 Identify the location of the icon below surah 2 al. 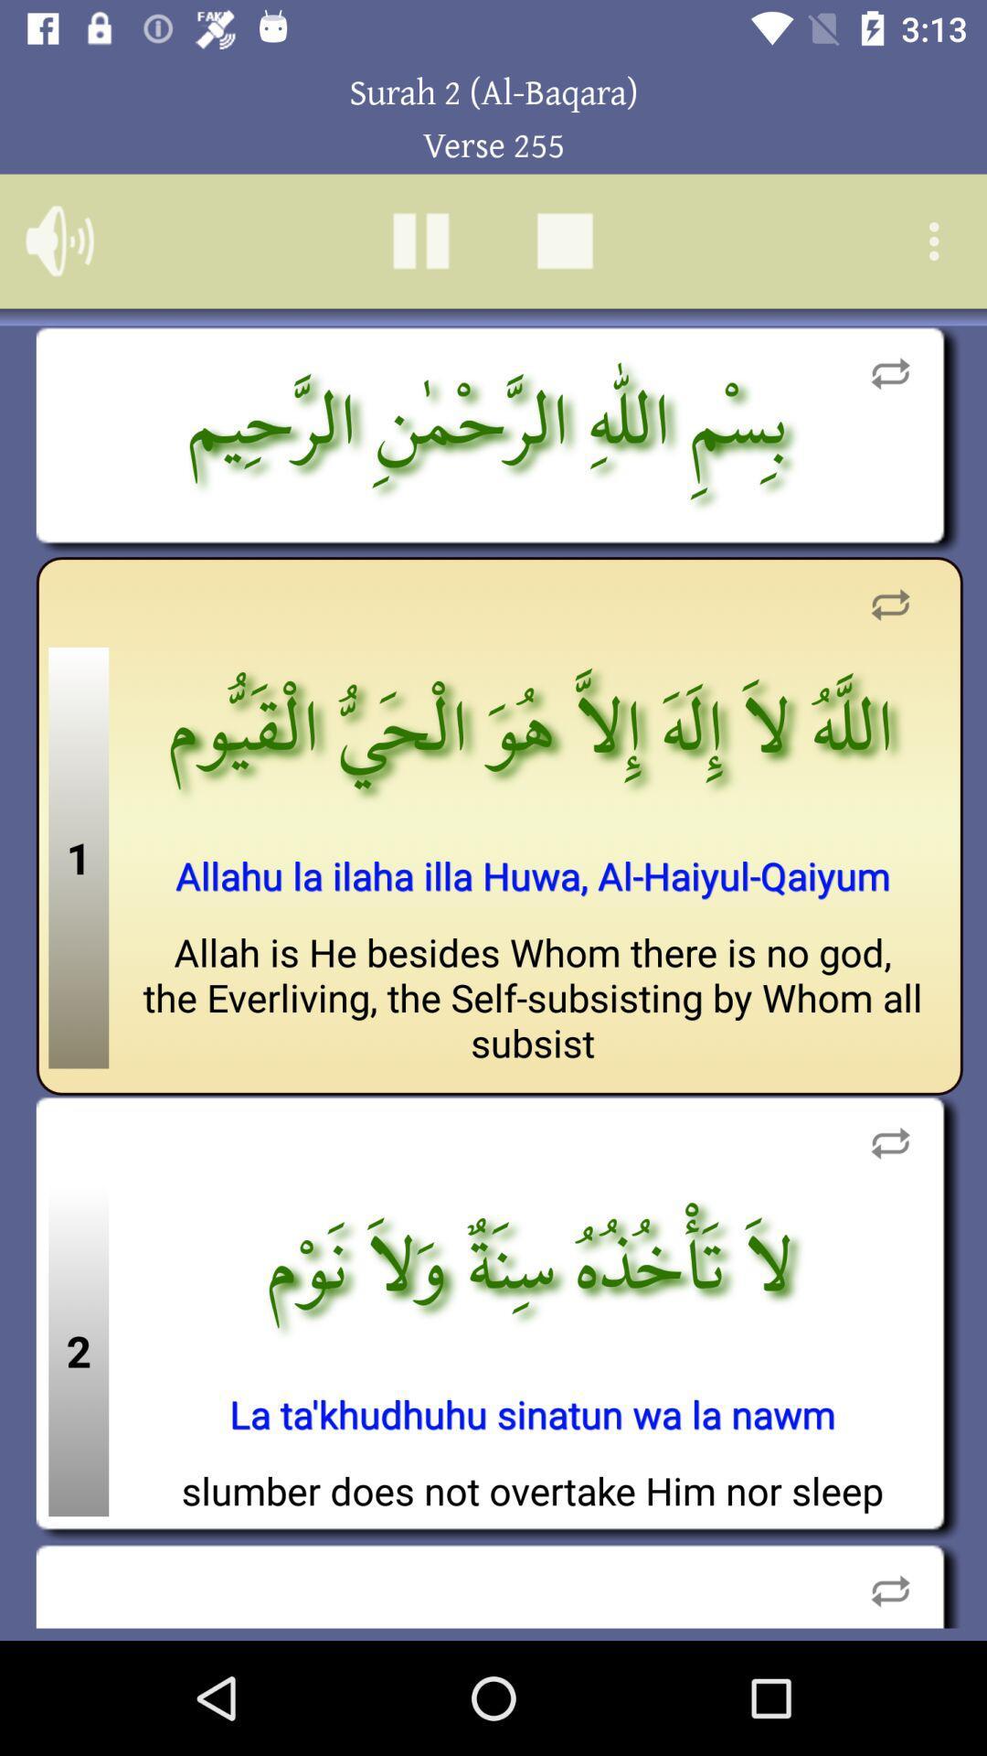
(564, 240).